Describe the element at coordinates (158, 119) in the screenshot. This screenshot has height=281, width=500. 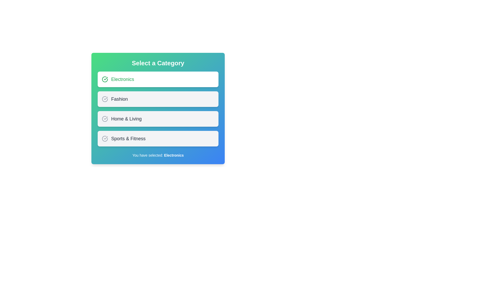
I see `the 'Home & Living' category selection button, which is the third item in the vertical list, located between 'Fashion' and 'Sports & Fitness'` at that location.